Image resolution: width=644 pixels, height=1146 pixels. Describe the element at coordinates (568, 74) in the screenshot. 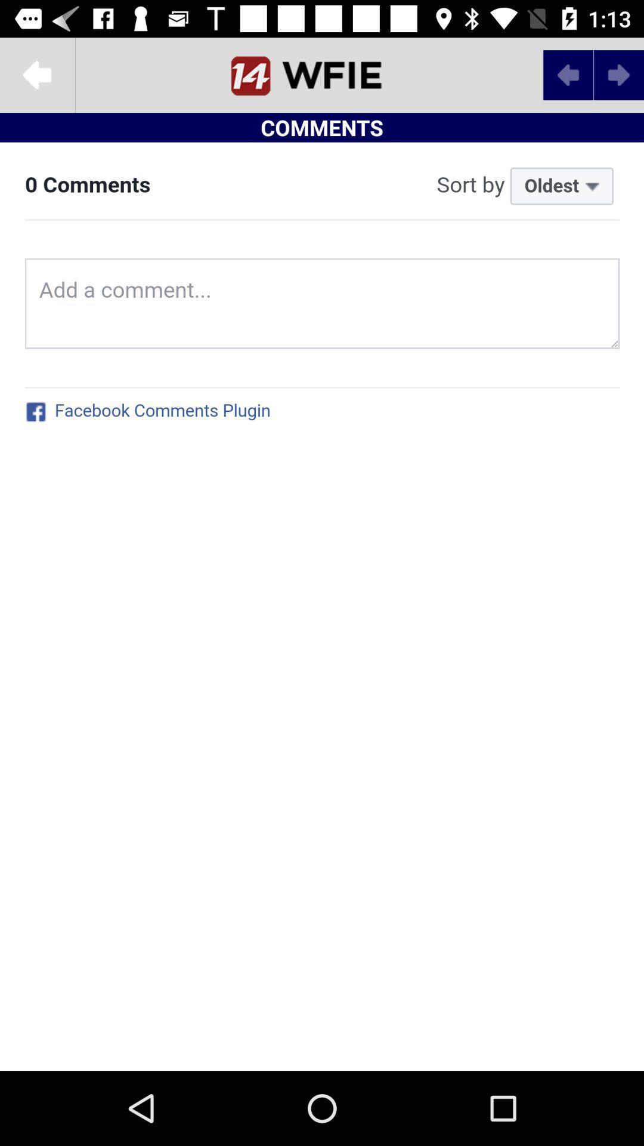

I see `the arrow_backward icon` at that location.